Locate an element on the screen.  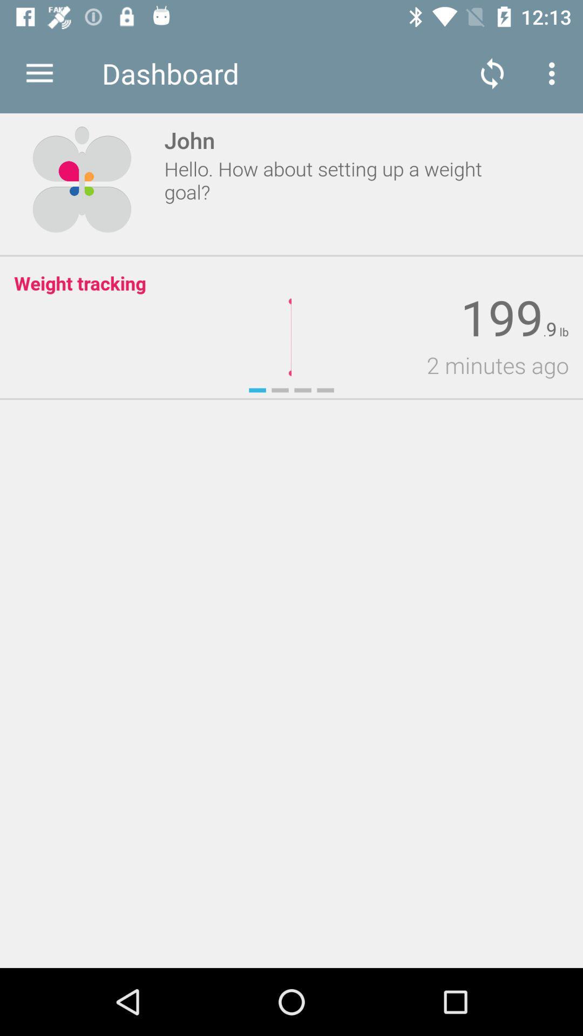
the app next to the . icon is located at coordinates (551, 329).